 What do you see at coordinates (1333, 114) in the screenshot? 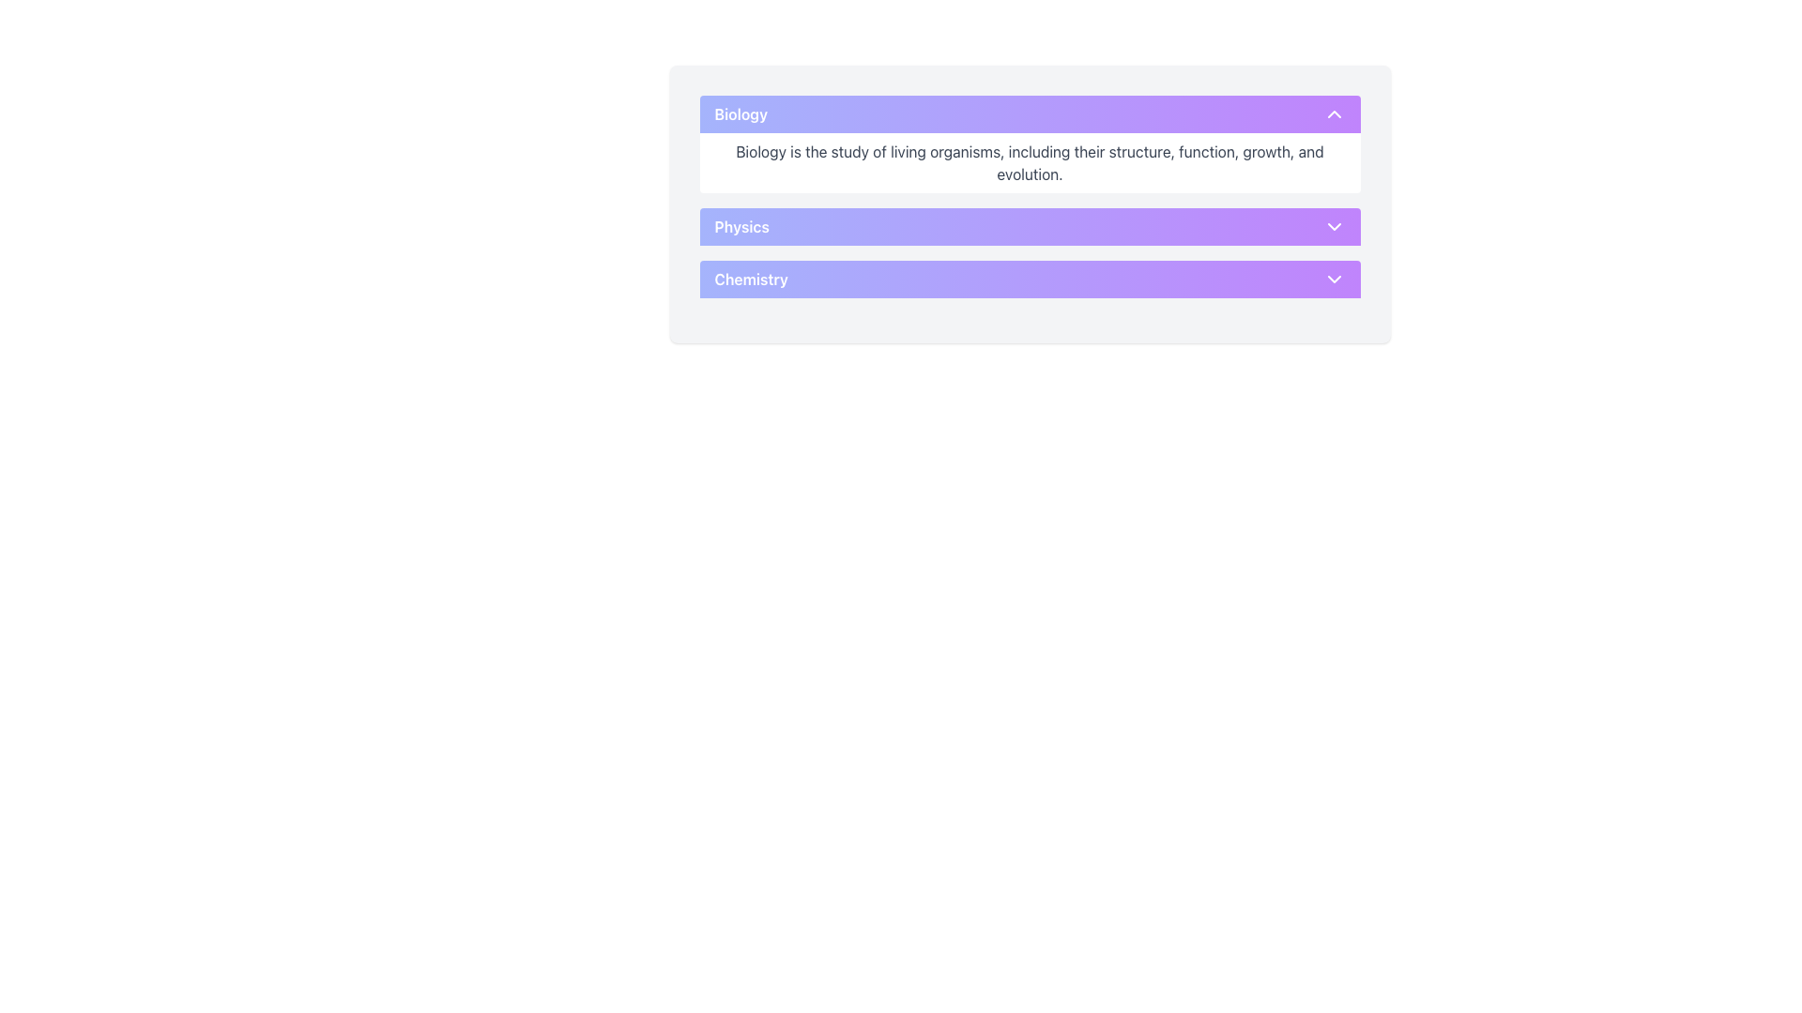
I see `the chevron icon located at the far right of the 'Biology' header section` at bounding box center [1333, 114].